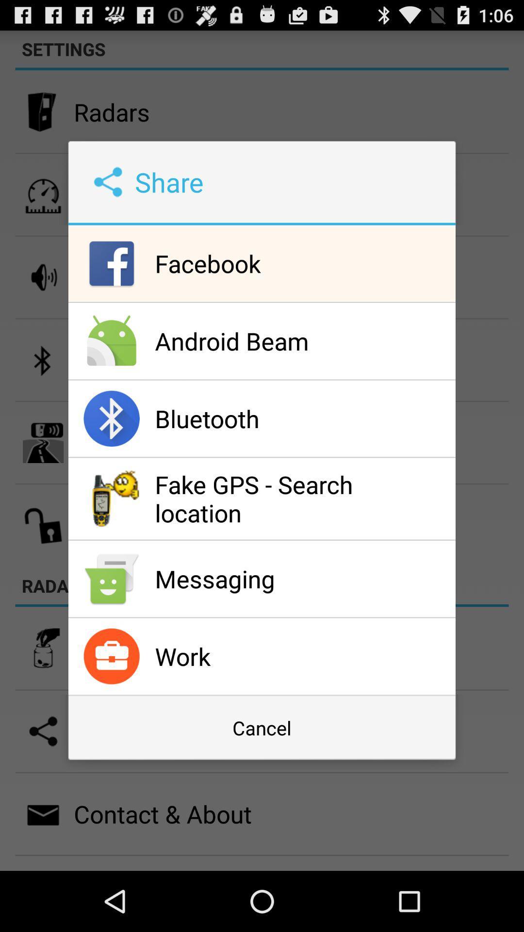 The image size is (524, 932). What do you see at coordinates (262, 728) in the screenshot?
I see `the cancel item` at bounding box center [262, 728].